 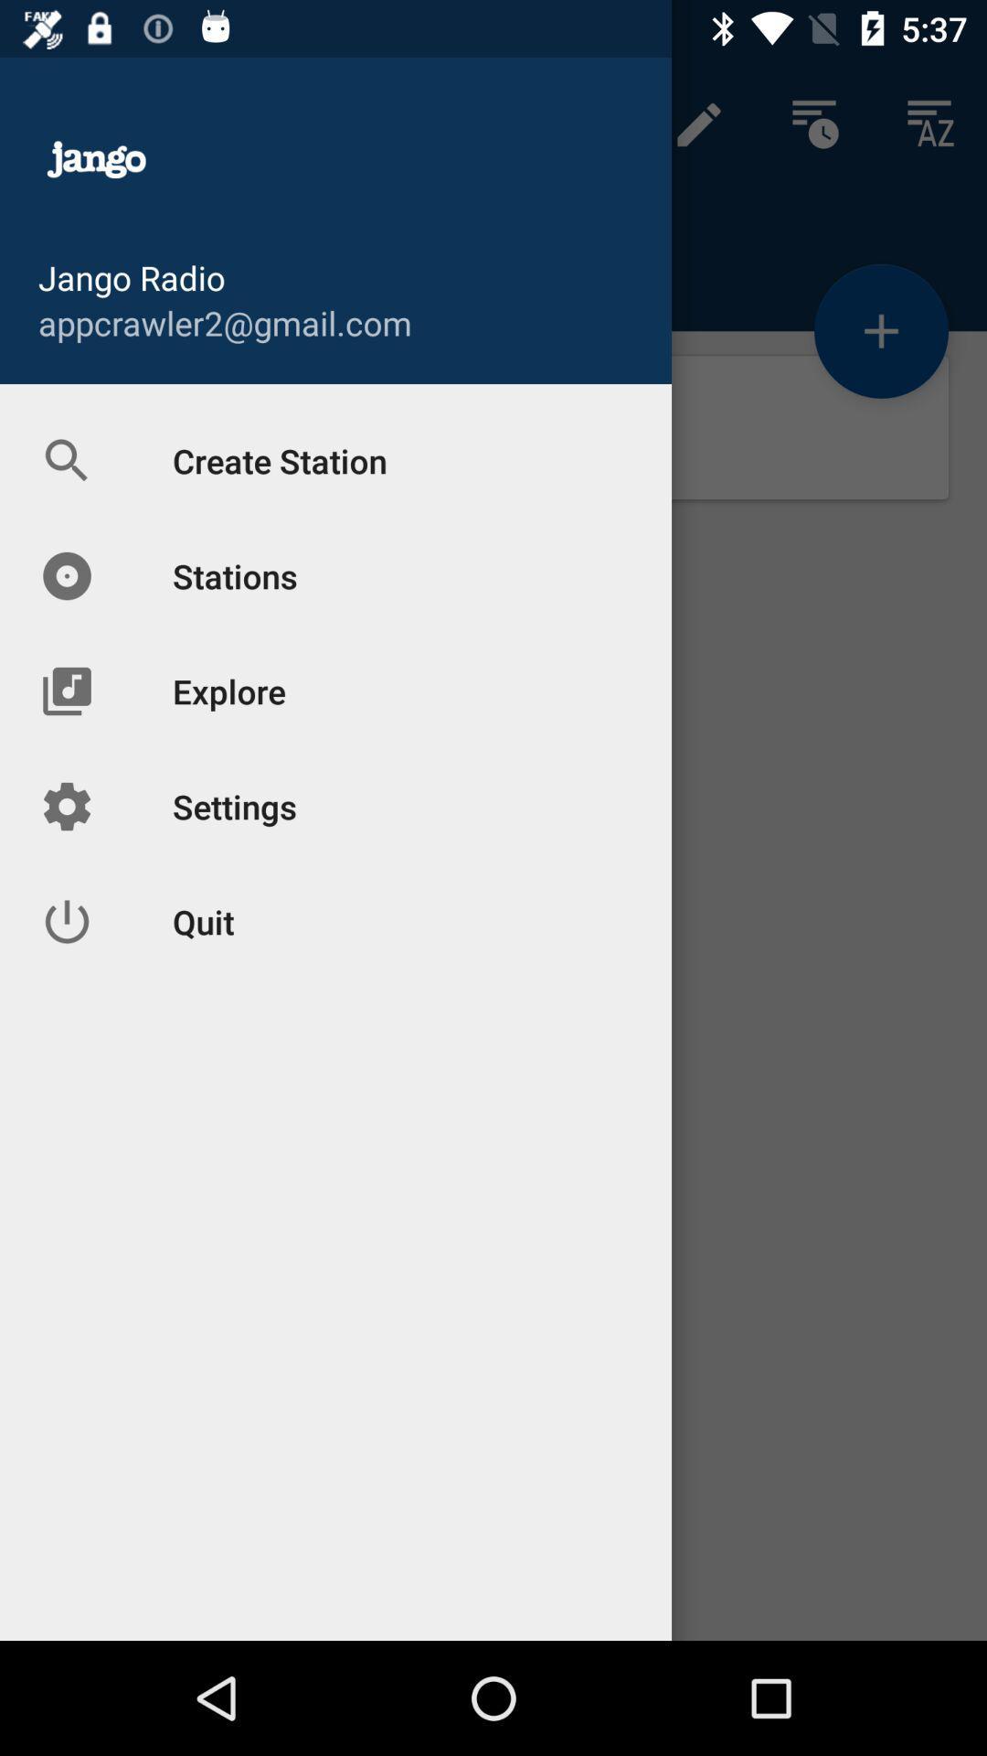 What do you see at coordinates (880, 331) in the screenshot?
I see `the add icon` at bounding box center [880, 331].